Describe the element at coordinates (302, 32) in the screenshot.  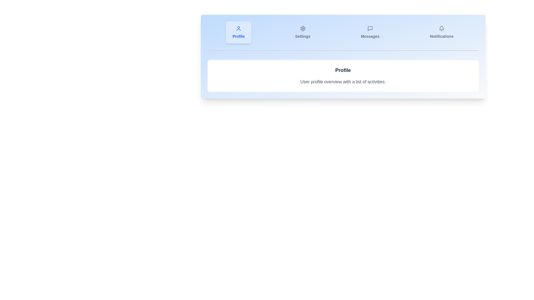
I see `the tab button labeled Settings to switch to the corresponding tab` at that location.